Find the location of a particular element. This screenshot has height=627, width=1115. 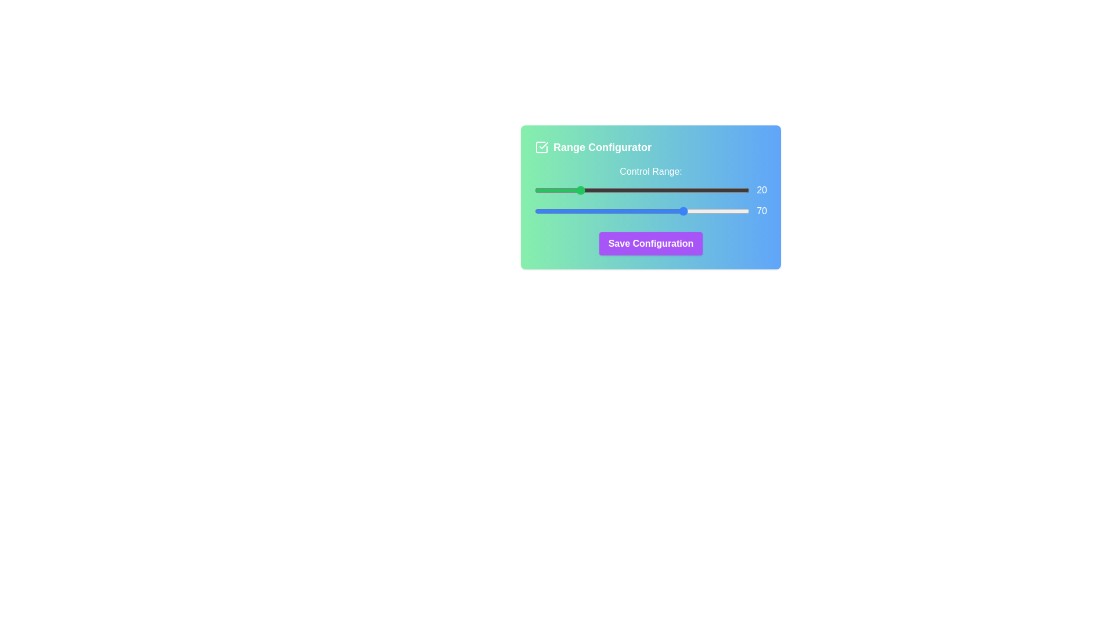

the icon next to the title text to explore additional functionality is located at coordinates (541, 147).